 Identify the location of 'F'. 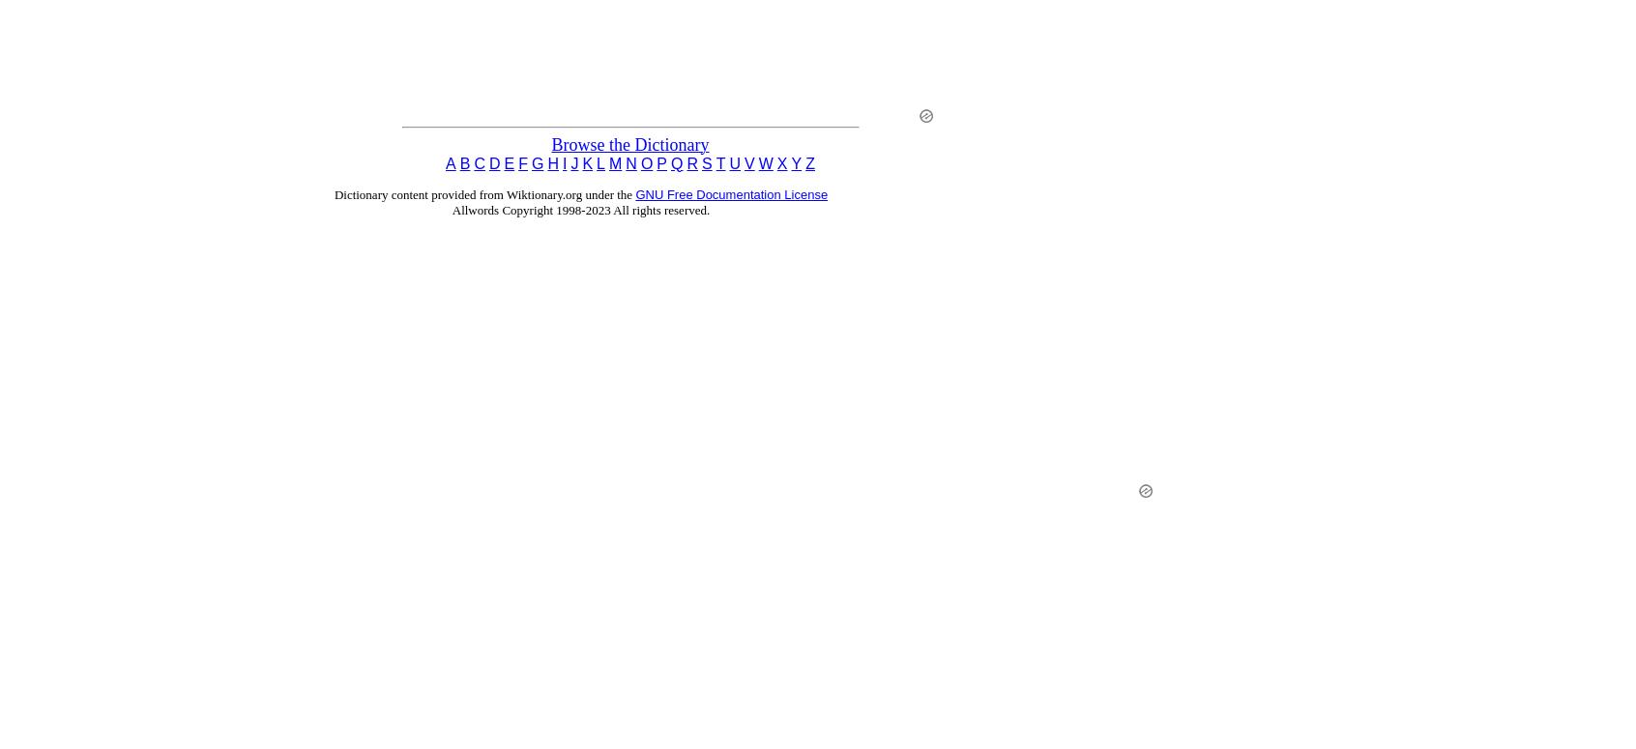
(522, 161).